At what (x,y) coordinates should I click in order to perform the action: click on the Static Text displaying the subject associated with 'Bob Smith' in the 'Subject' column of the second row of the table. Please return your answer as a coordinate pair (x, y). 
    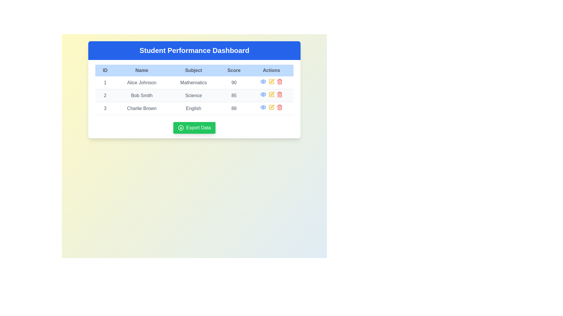
    Looking at the image, I should click on (194, 95).